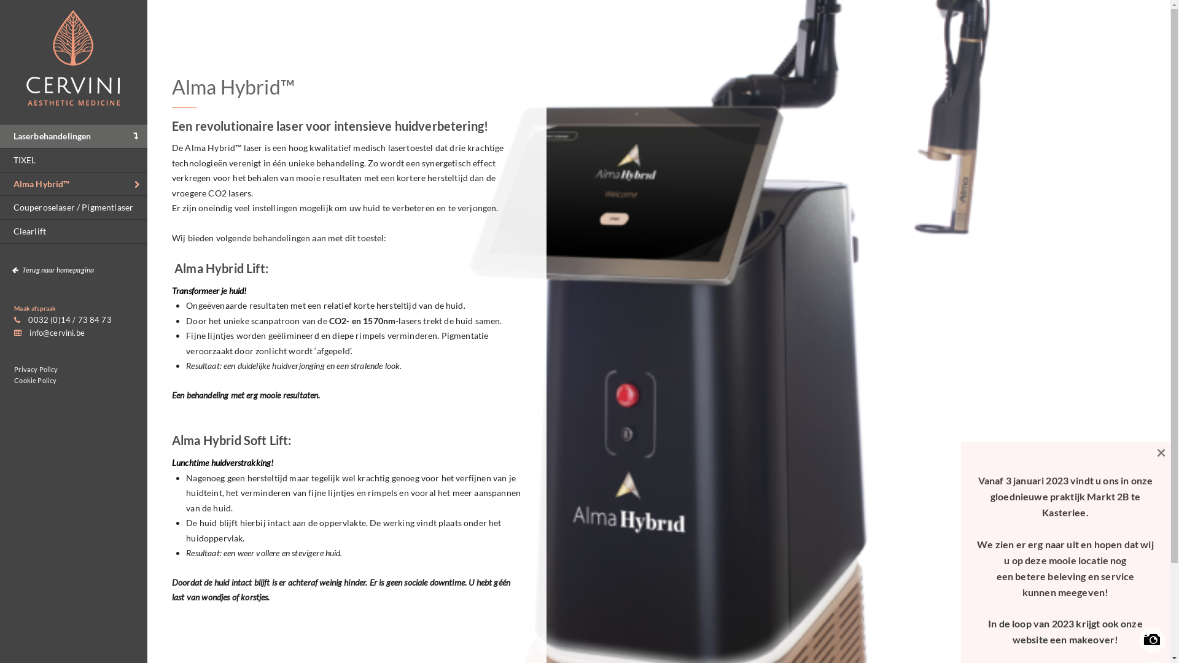 The height and width of the screenshot is (663, 1179). What do you see at coordinates (0, 269) in the screenshot?
I see `'Terug naar homepagina'` at bounding box center [0, 269].